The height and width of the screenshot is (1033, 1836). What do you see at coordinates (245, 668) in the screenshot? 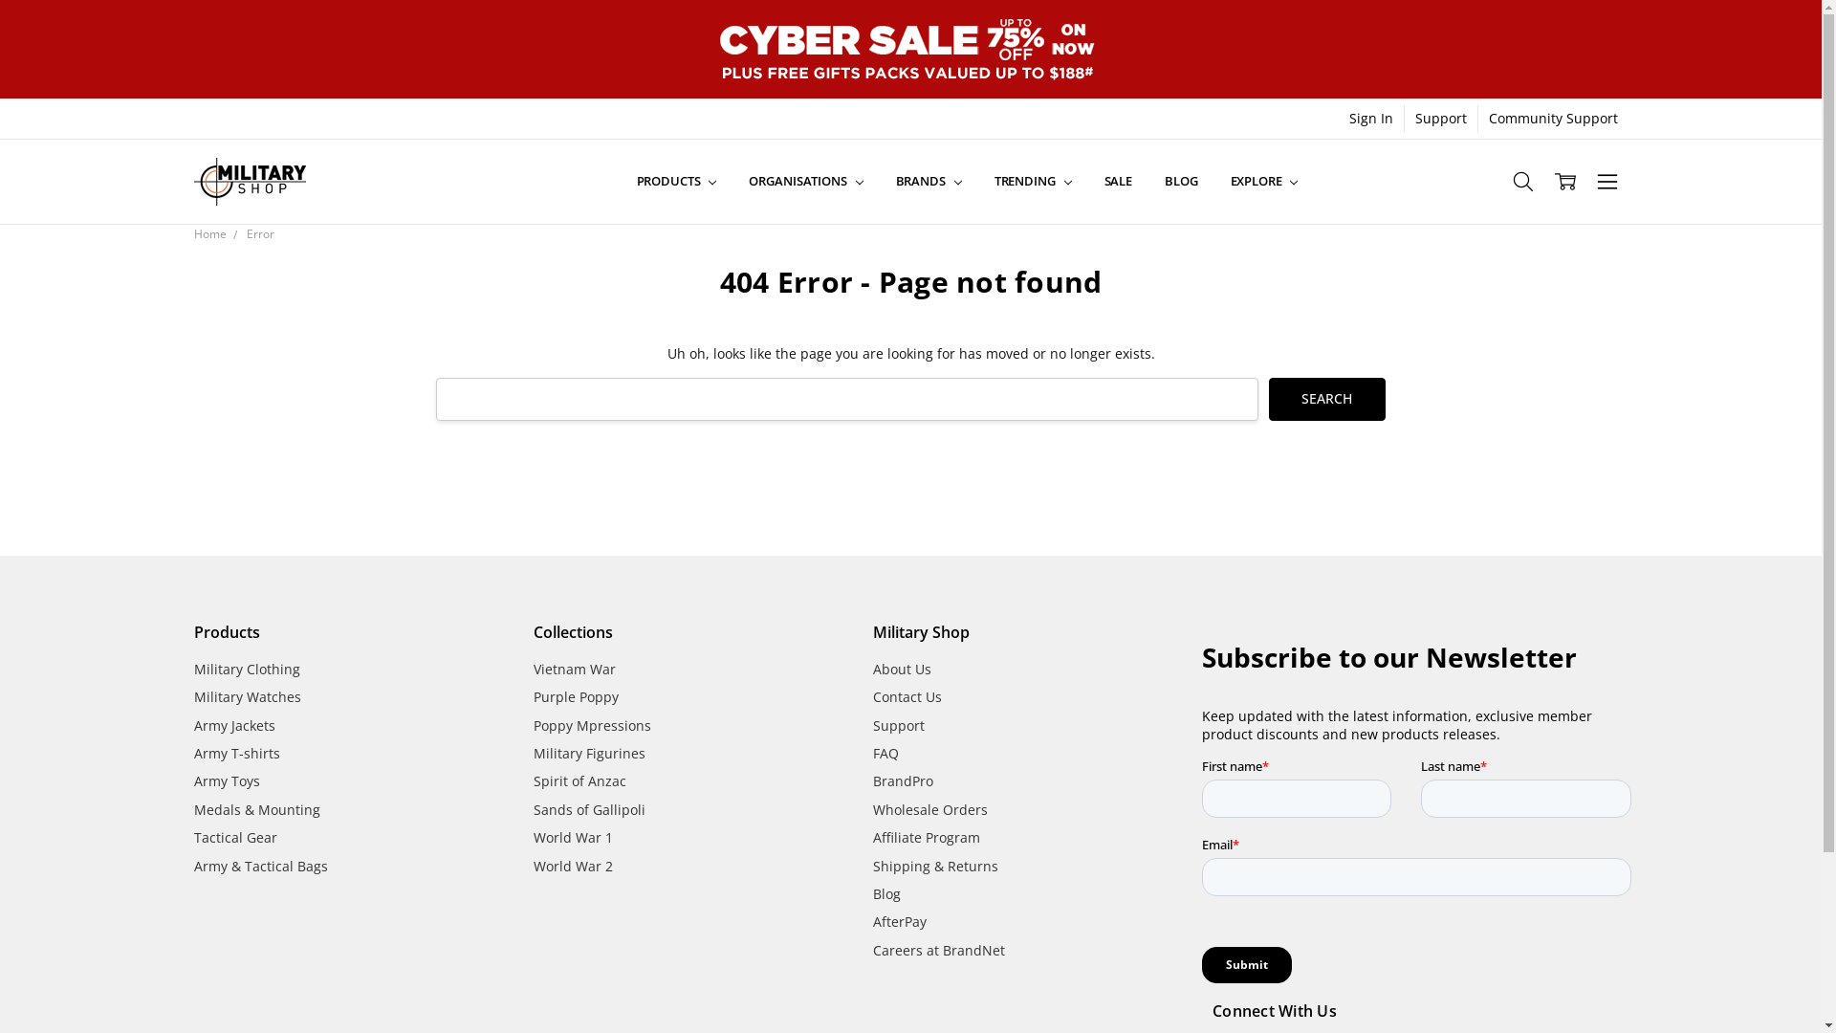
I see `'Military Clothing'` at bounding box center [245, 668].